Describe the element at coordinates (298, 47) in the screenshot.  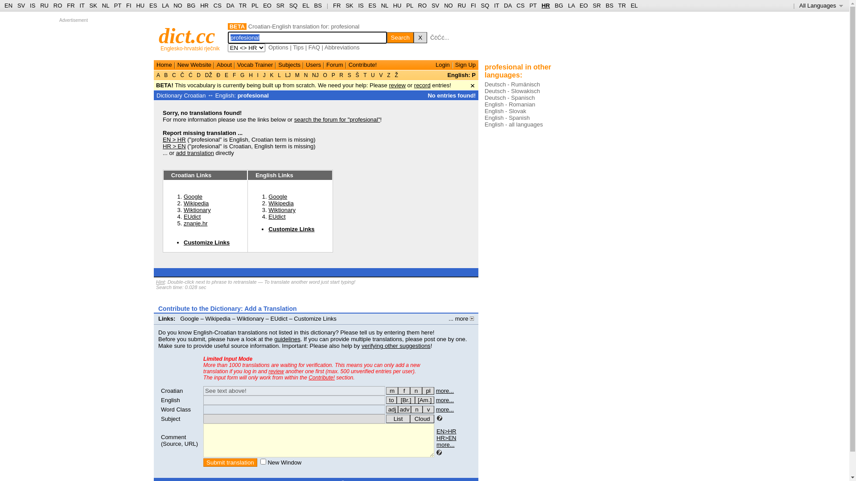
I see `'Tips'` at that location.